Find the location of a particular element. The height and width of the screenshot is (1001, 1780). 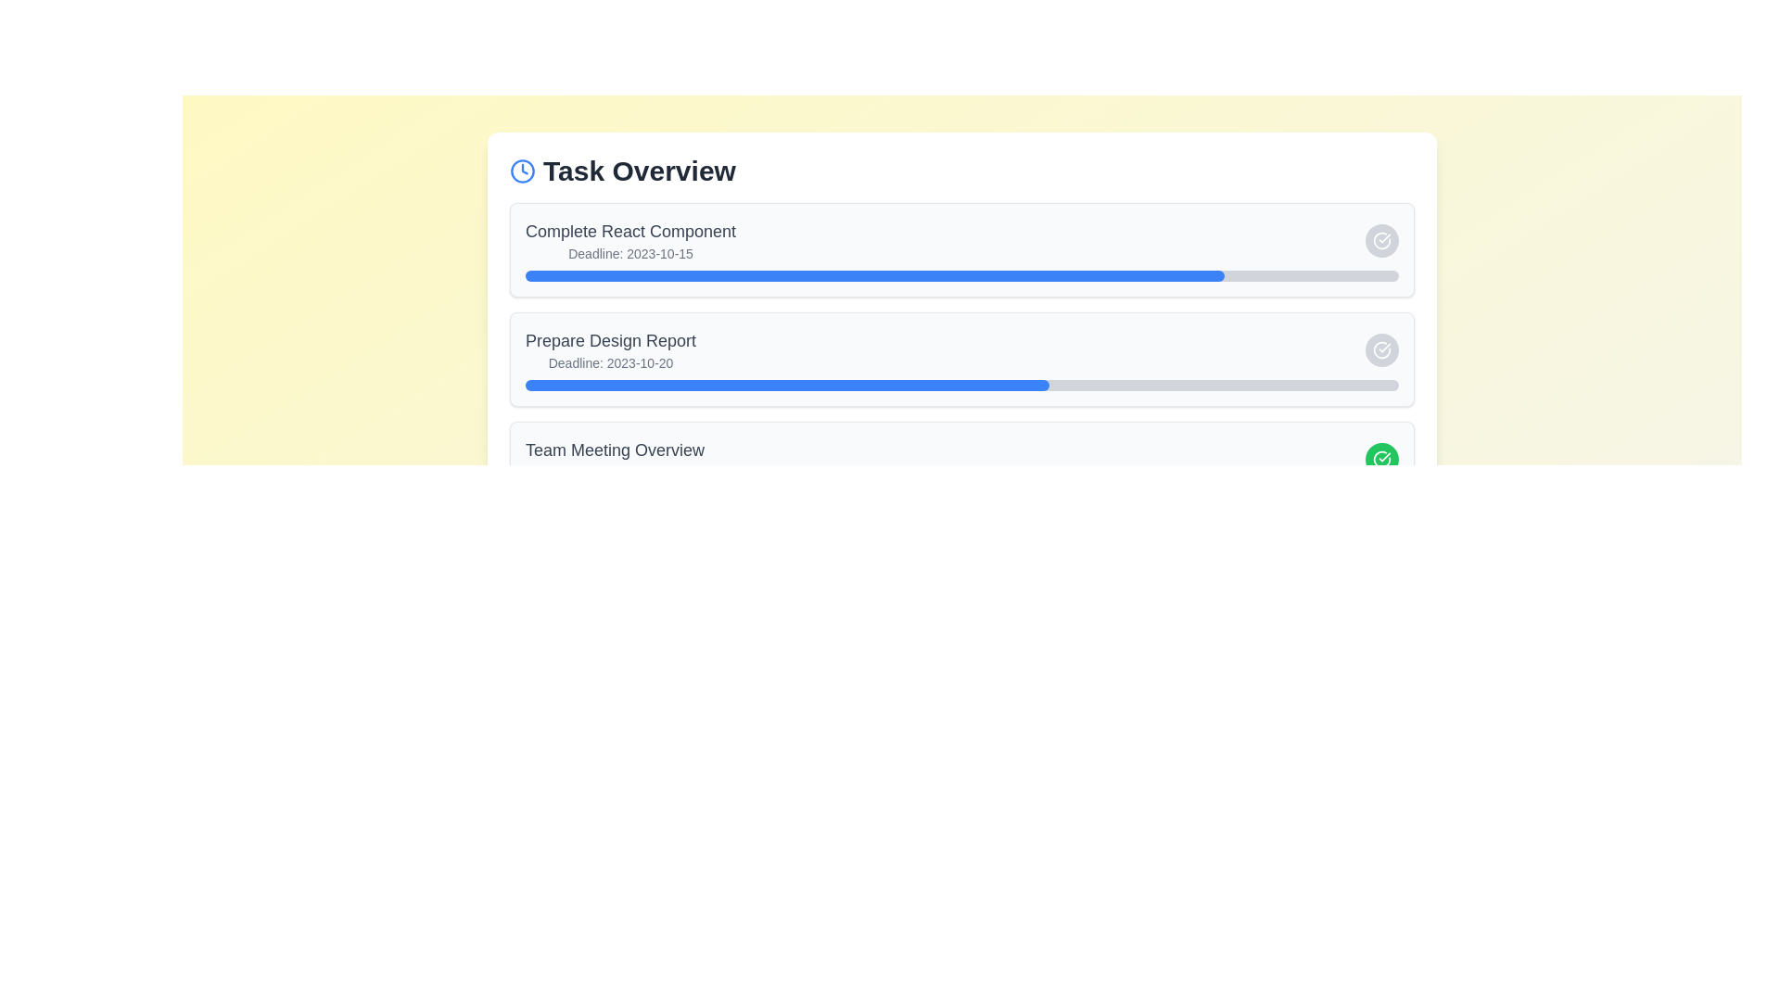

the decorative circle element that indicates deadline or time-related functionality within the clock icon in the task overview section is located at coordinates (522, 171).